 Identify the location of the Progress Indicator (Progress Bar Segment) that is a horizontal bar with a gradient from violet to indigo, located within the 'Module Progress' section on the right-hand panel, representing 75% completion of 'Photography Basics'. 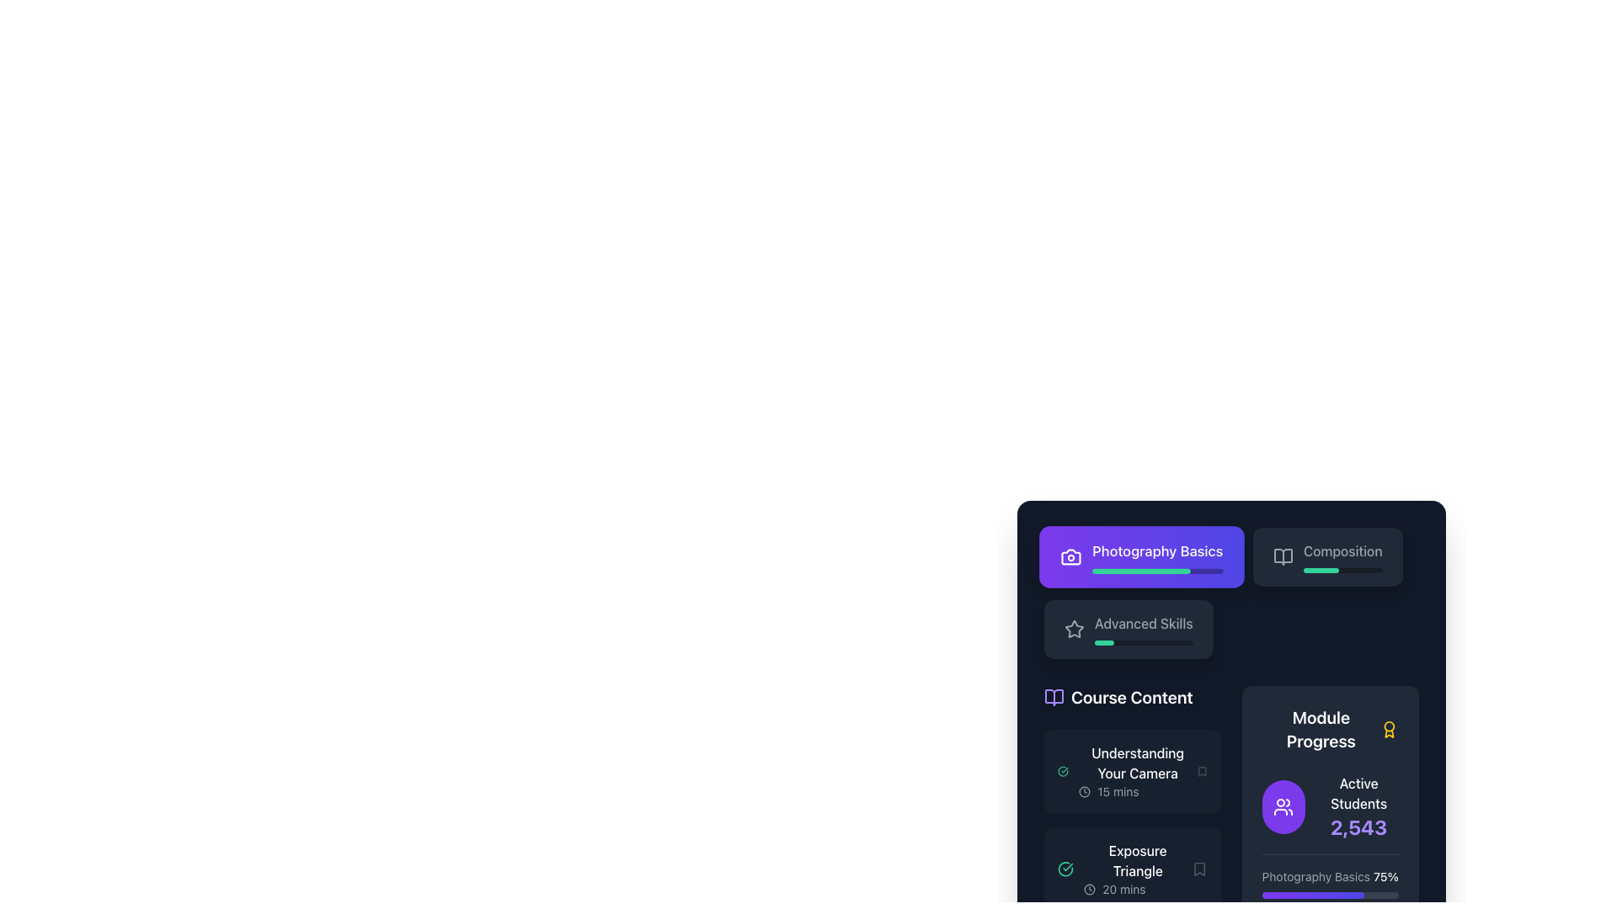
(1312, 895).